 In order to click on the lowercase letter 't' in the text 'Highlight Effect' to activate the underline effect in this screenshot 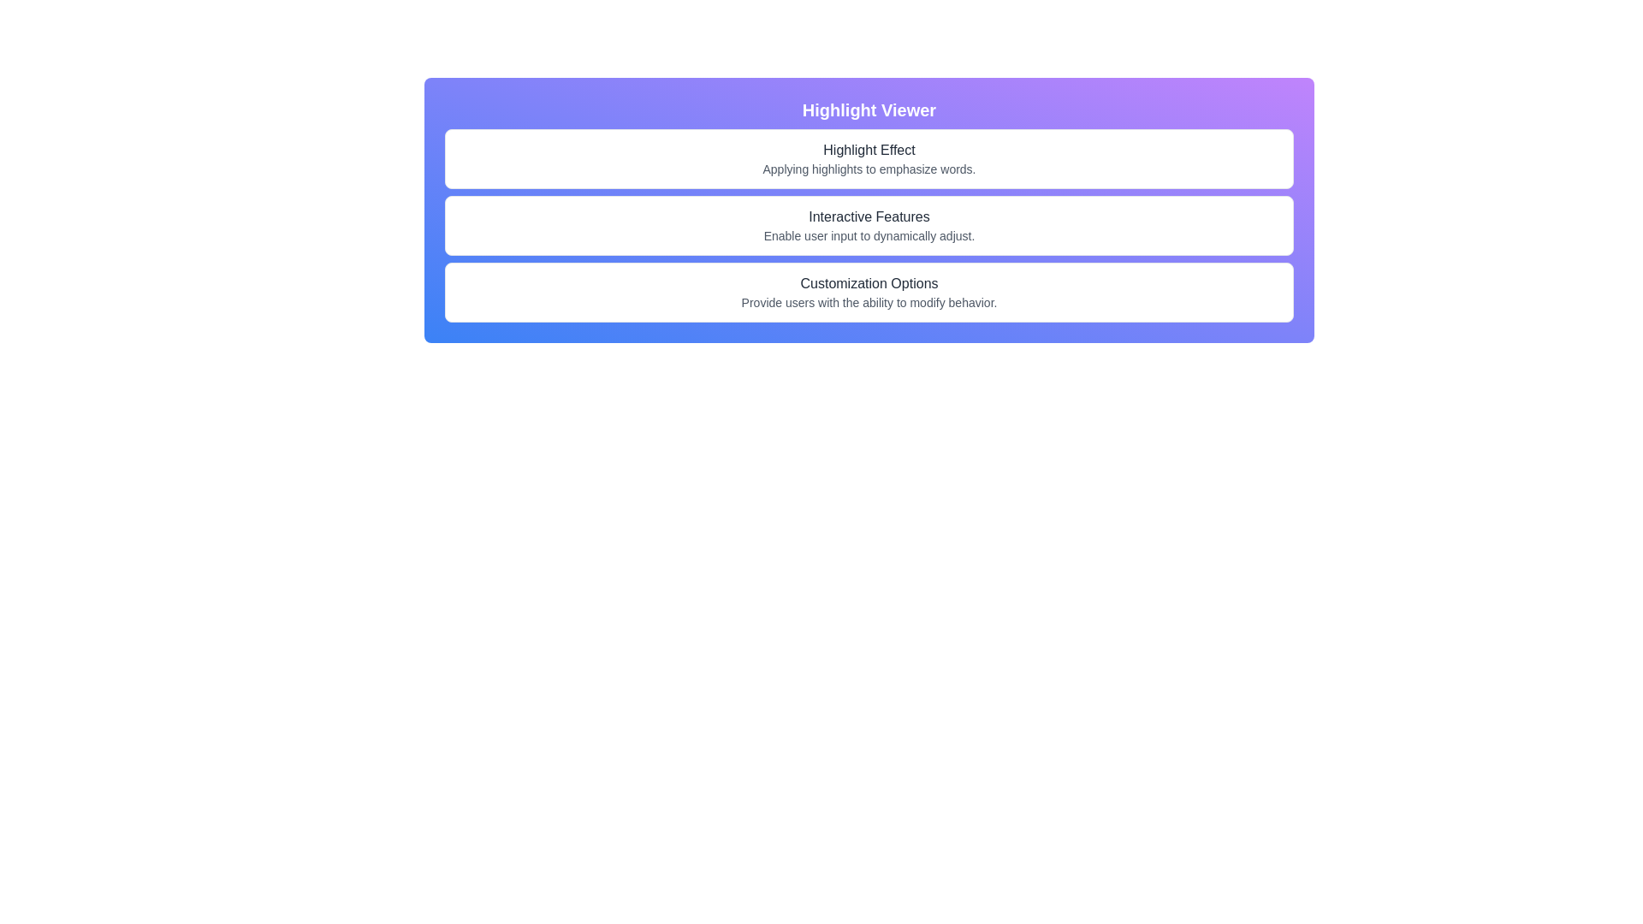, I will do `click(875, 149)`.